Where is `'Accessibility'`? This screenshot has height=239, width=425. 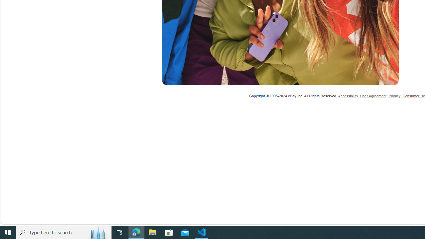 'Accessibility' is located at coordinates (348, 96).